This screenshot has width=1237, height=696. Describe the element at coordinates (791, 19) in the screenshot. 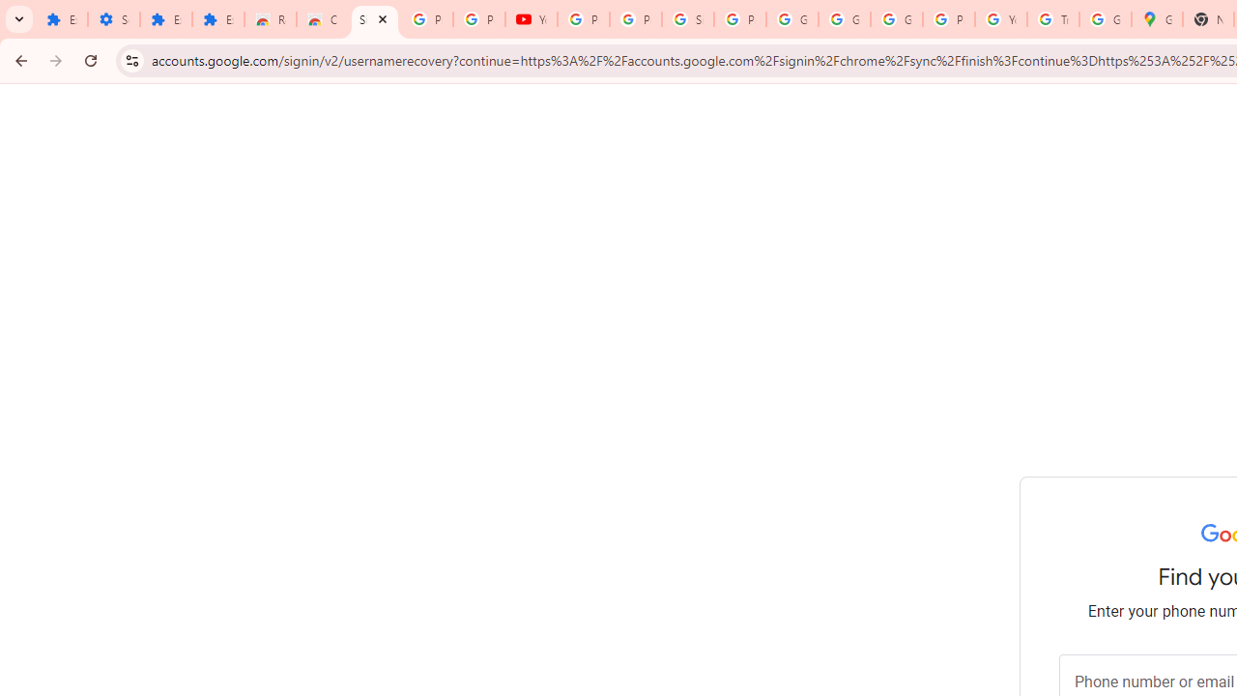

I see `'Google Account'` at that location.